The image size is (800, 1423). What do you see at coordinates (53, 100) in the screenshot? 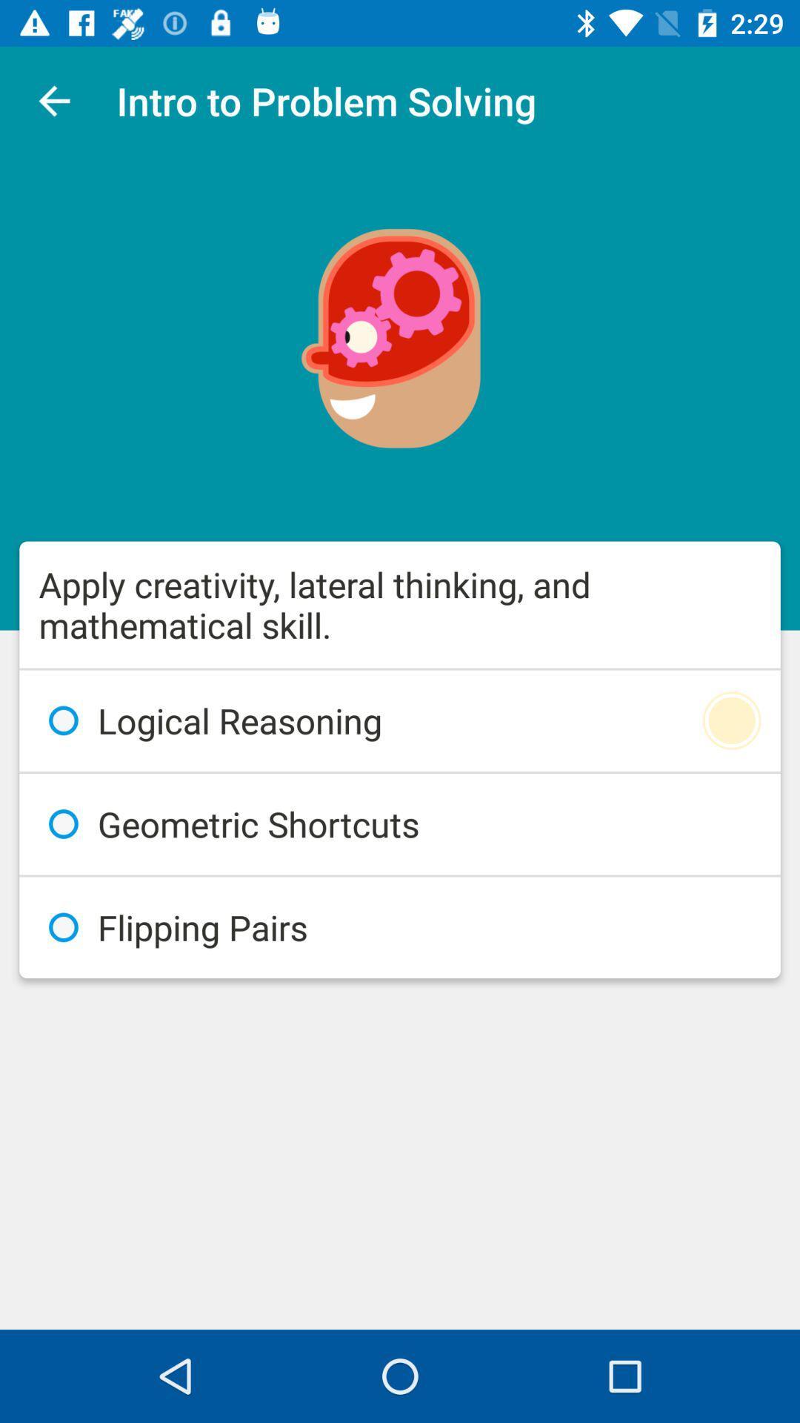
I see `item at the top left corner` at bounding box center [53, 100].